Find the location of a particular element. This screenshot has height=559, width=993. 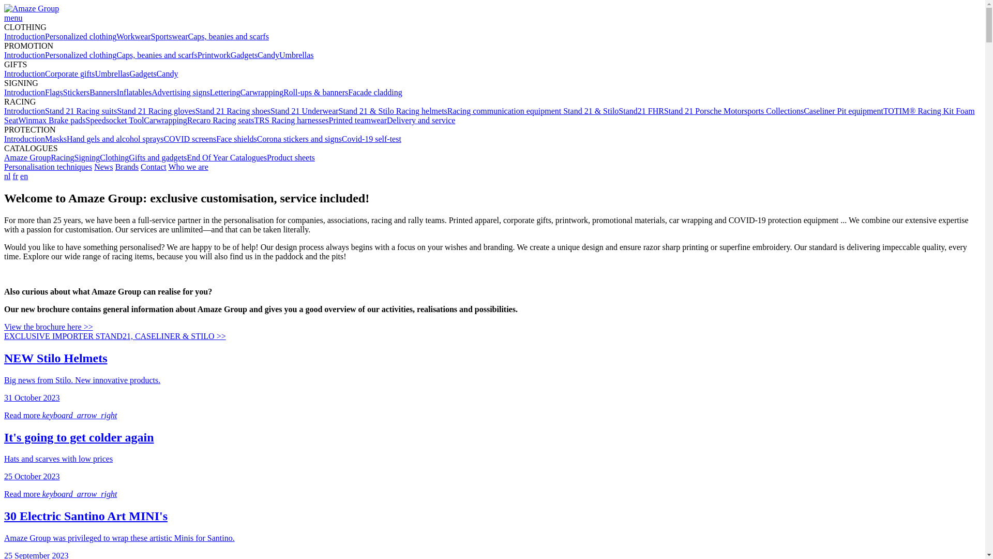

'Masks' is located at coordinates (55, 138).